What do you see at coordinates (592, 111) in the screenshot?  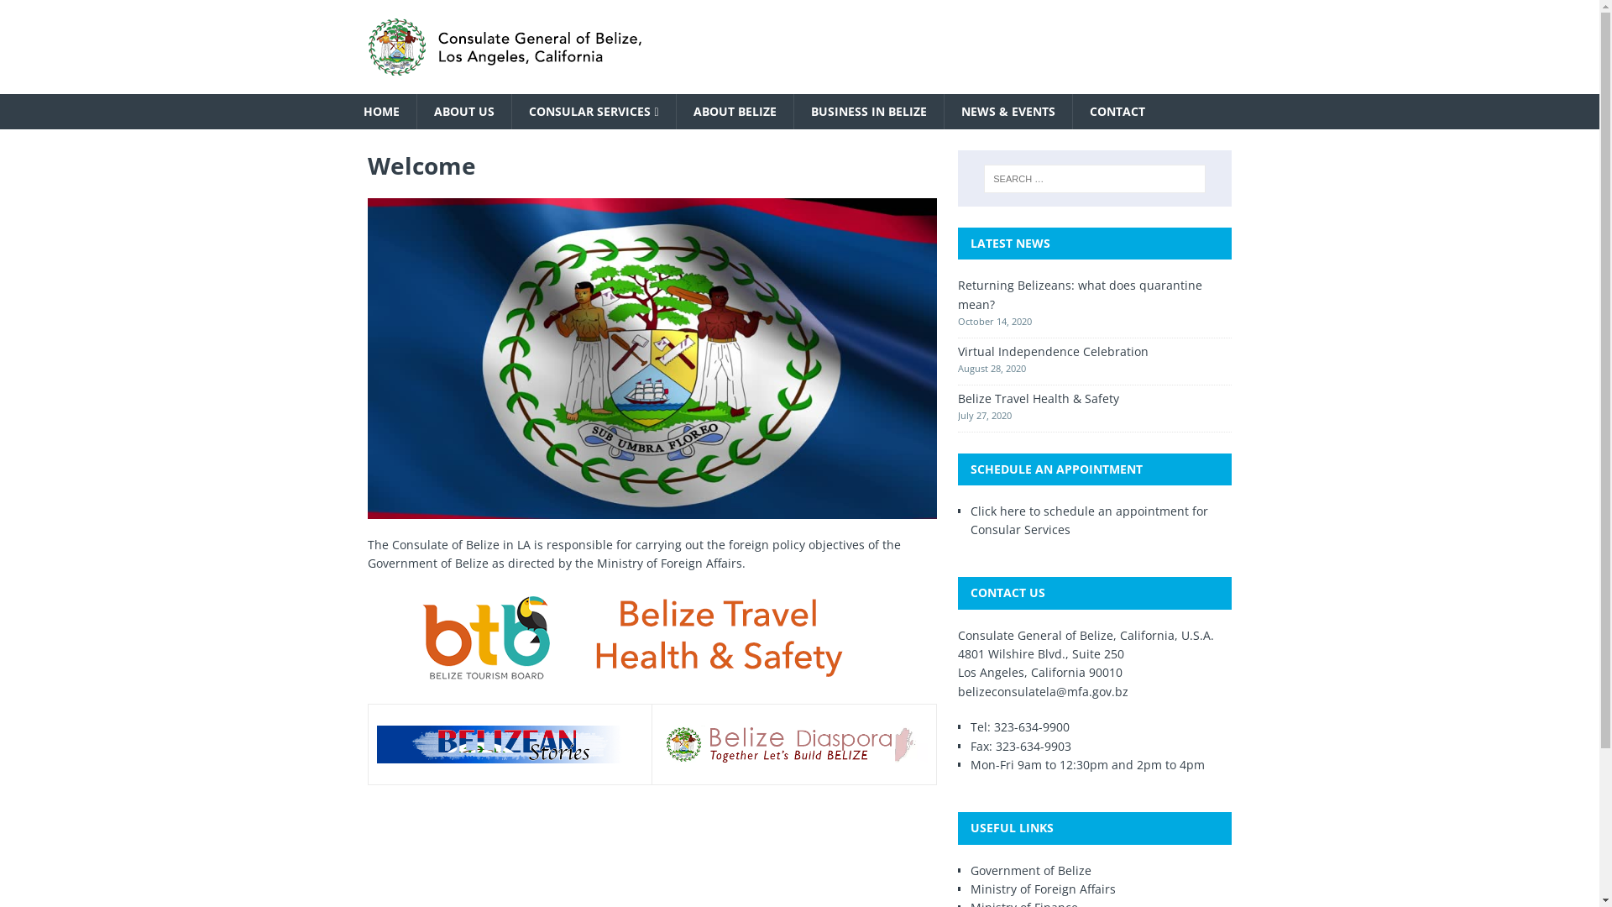 I see `'CONSULAR SERVICES'` at bounding box center [592, 111].